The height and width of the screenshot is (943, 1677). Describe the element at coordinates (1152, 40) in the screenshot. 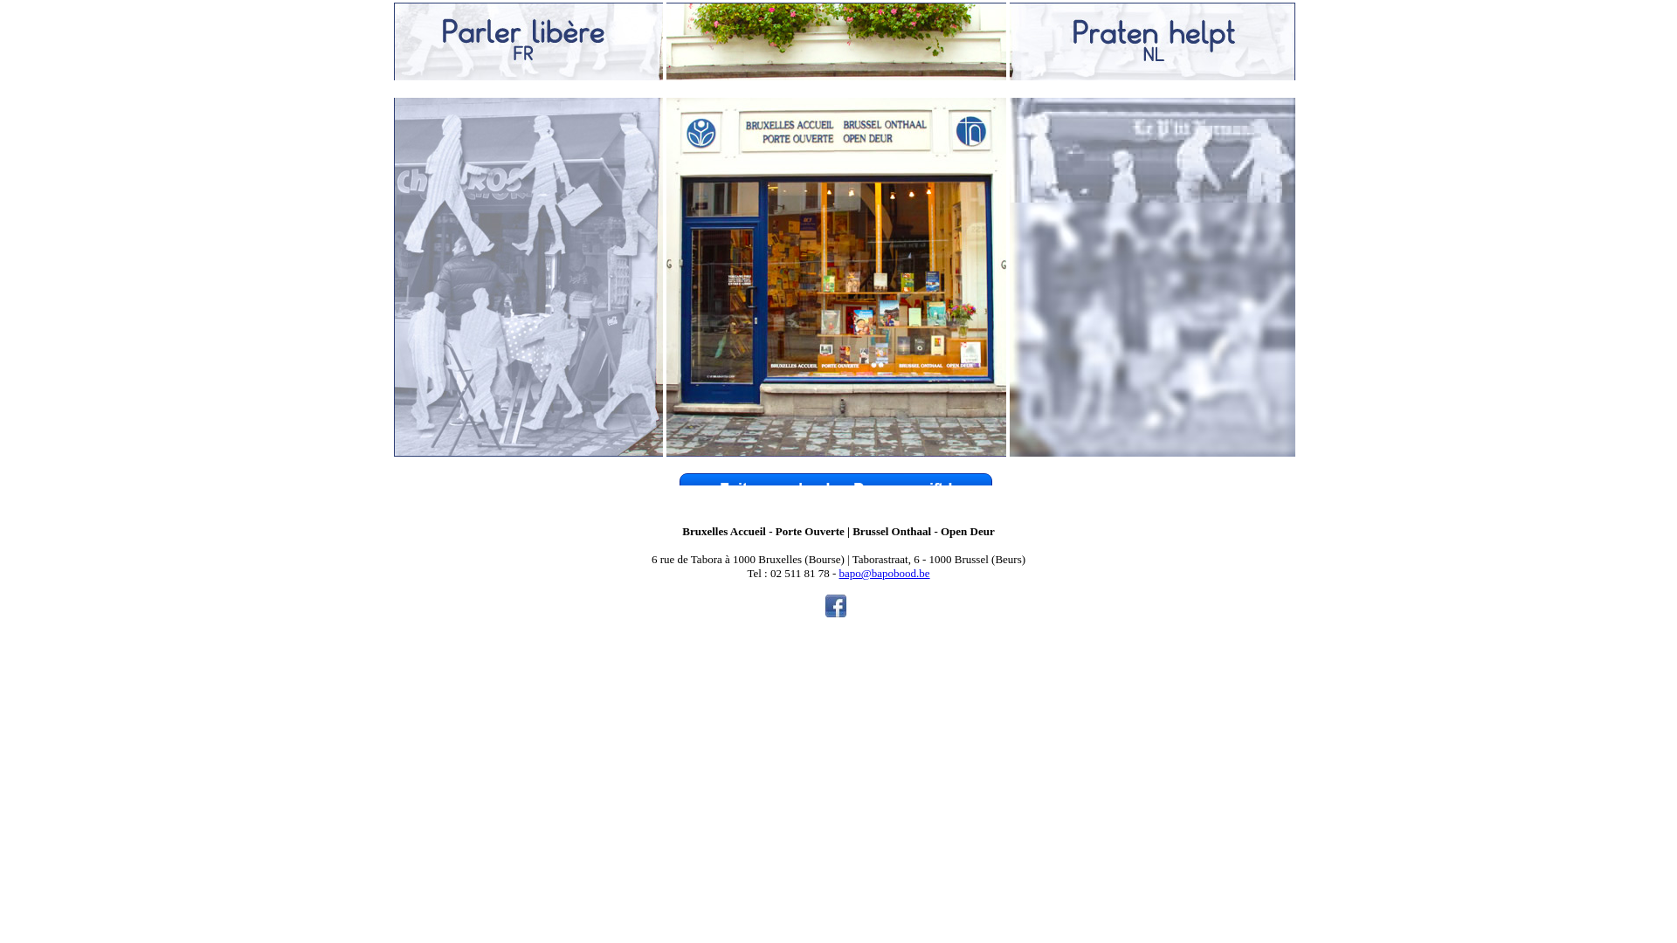

I see `'NL versie'` at that location.